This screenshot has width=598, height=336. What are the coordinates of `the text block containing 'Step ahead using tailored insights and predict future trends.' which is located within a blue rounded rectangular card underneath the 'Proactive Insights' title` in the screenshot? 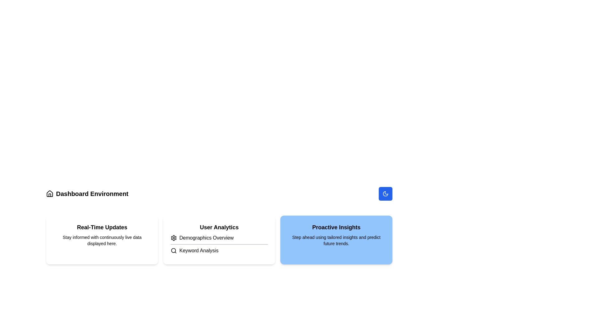 It's located at (336, 240).